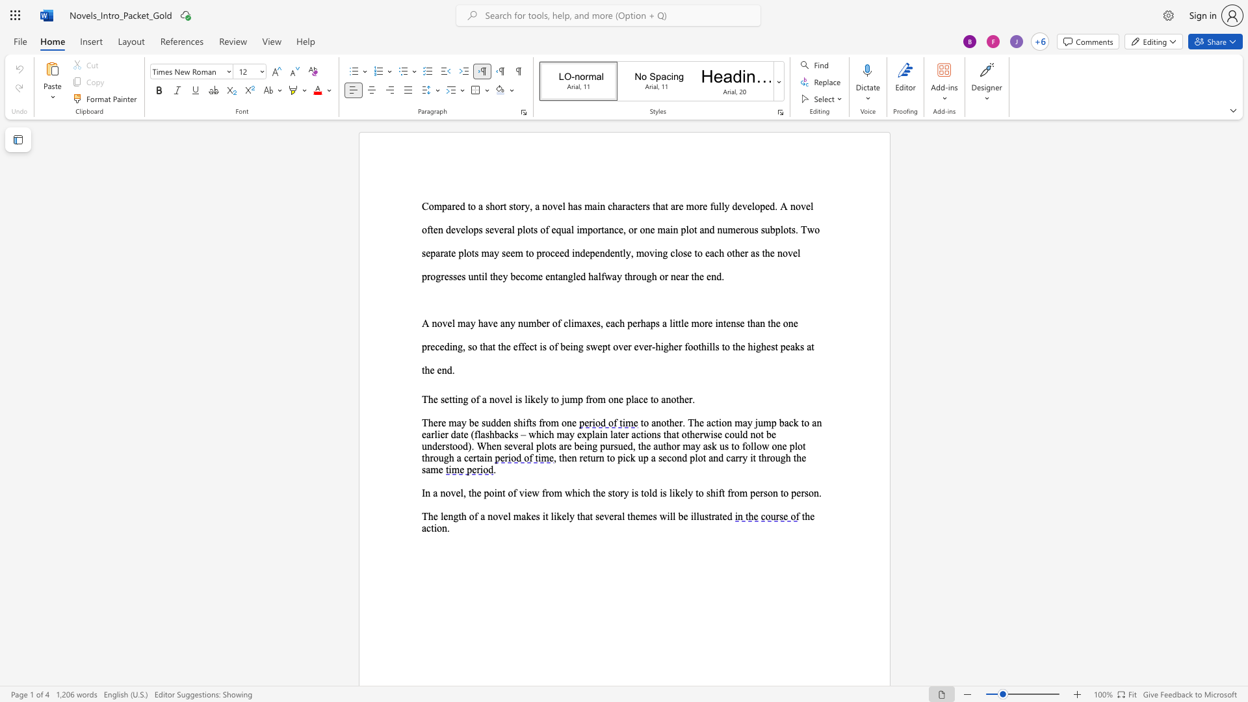  Describe the element at coordinates (439, 253) in the screenshot. I see `the space between the continuous character "a" and "r" in the text` at that location.